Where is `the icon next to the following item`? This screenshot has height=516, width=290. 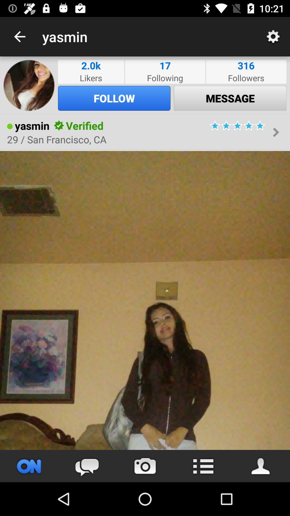
the icon next to the following item is located at coordinates (91, 65).